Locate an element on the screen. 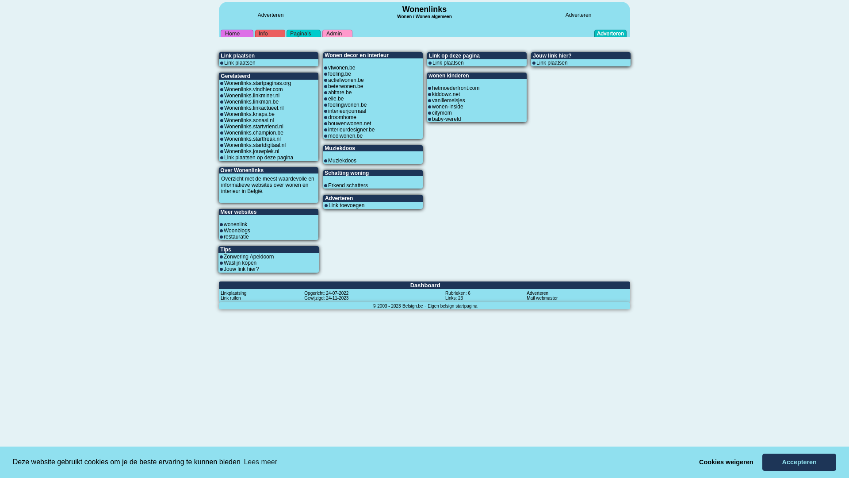 The height and width of the screenshot is (478, 849). 'Wonenlinks.jouwplek.nl' is located at coordinates (251, 151).